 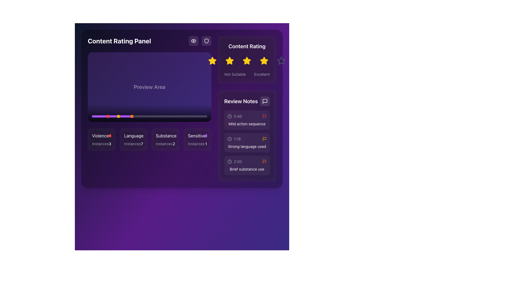 I want to click on the button in the top-right region of the Content Rating Panel, so click(x=206, y=40).